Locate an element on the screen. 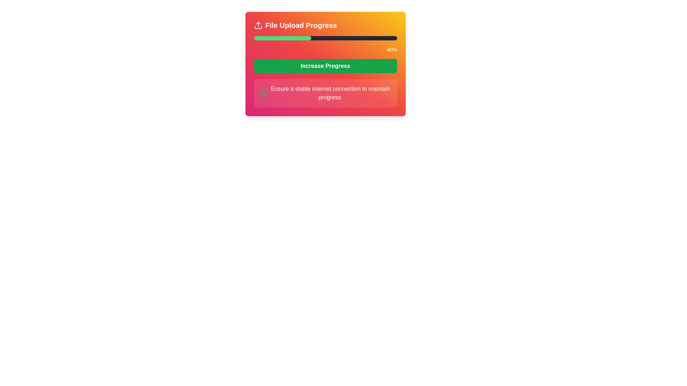  the horizontal progress bar styled with a dark gray background and green-filled section, located below the title 'File Upload Progress' and above the 'Increase Progress' button is located at coordinates (325, 38).